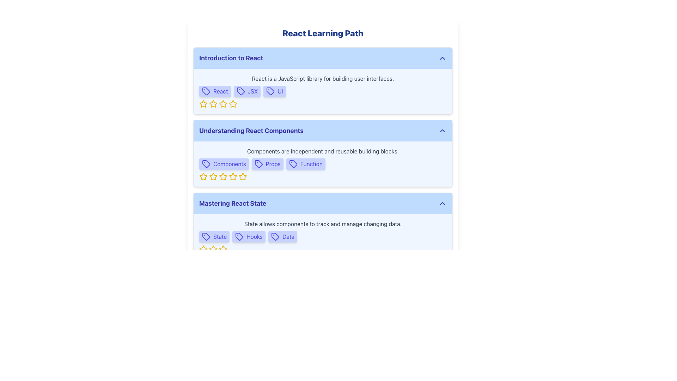 The width and height of the screenshot is (677, 381). What do you see at coordinates (243, 176) in the screenshot?
I see `the eighth star icon in the 'Understanding React Components' section, which serves as part of the visual rating indicator` at bounding box center [243, 176].